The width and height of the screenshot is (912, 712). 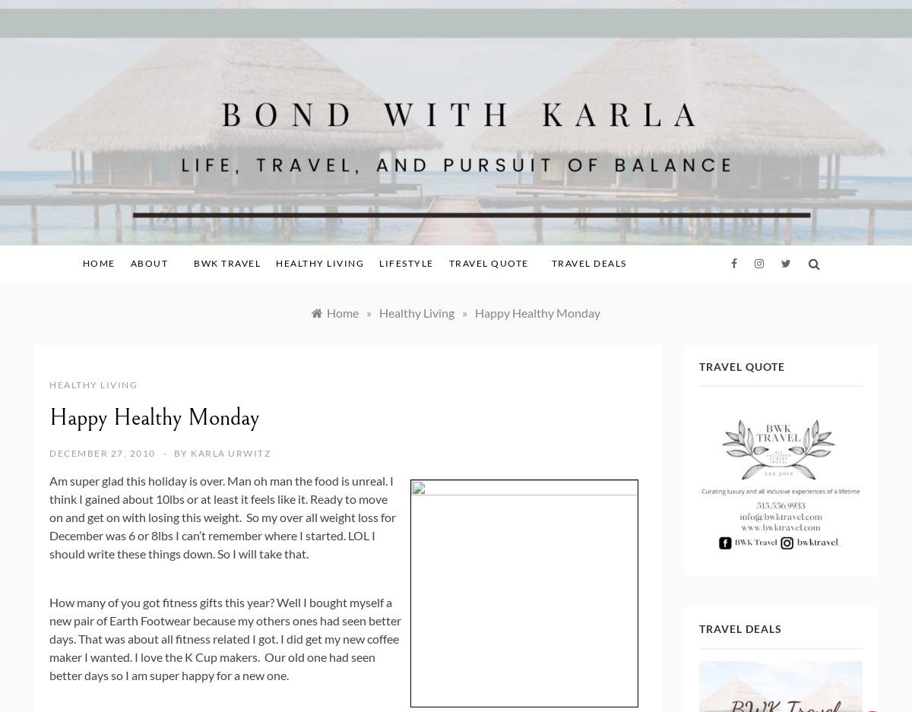 What do you see at coordinates (49, 516) in the screenshot?
I see `'Am super glad this holiday is over. Man oh man the food is unreal. I think I gained about 10lbs or at least it feels like it. Ready to move on and get on with losing this weight.  So my over all weight loss for December was 6 or 8lbs I can’t remember where I started. LOL I should write these things down. So I will take that.'` at bounding box center [49, 516].